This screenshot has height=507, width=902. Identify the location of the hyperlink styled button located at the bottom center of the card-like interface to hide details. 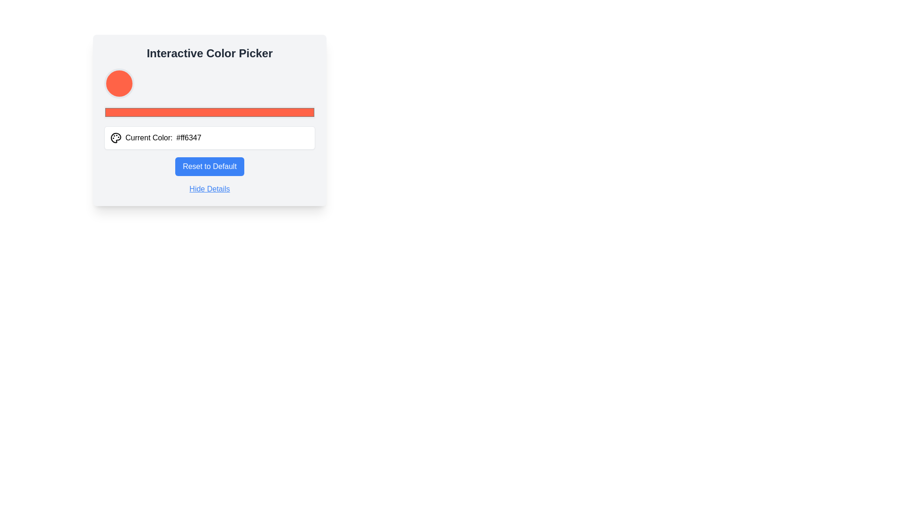
(209, 189).